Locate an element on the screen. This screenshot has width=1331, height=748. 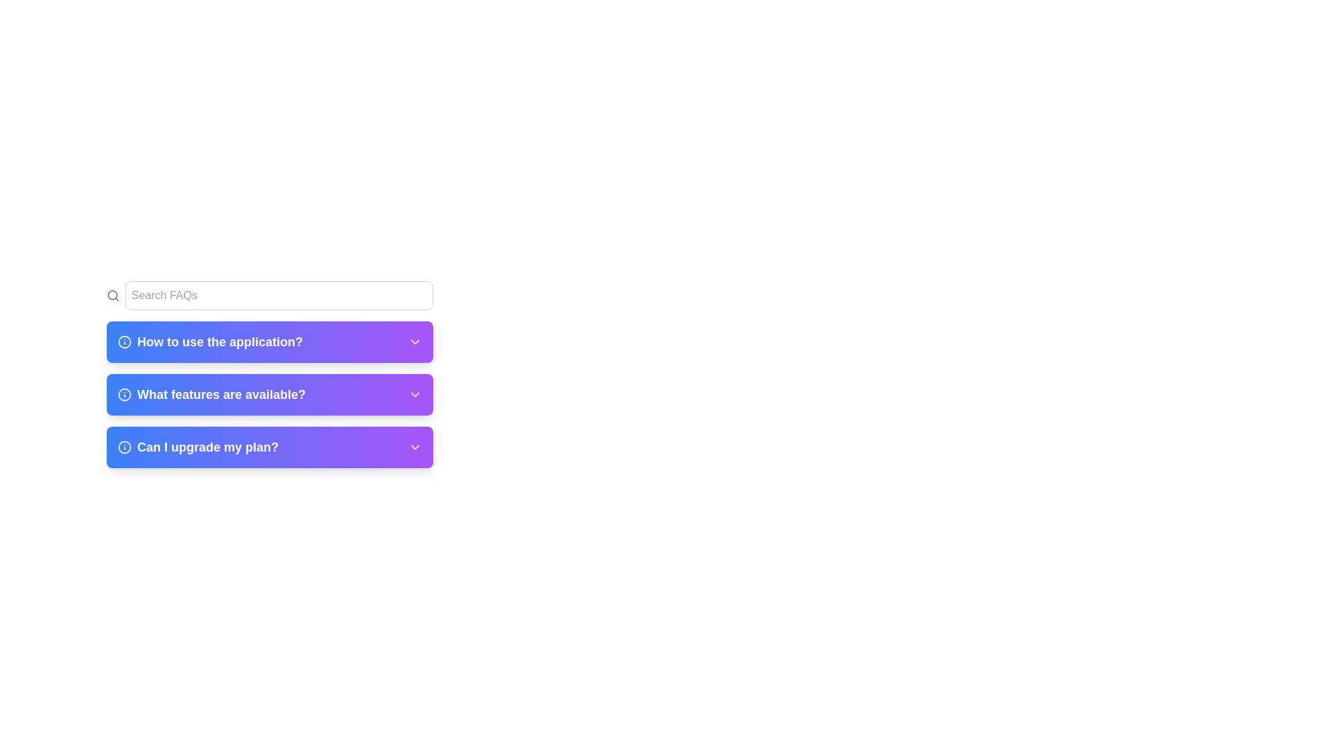
the Chevron-down icon at the far-right side of the blue-to-purple gradient bar labeled 'How to use the application?' is located at coordinates (415, 341).